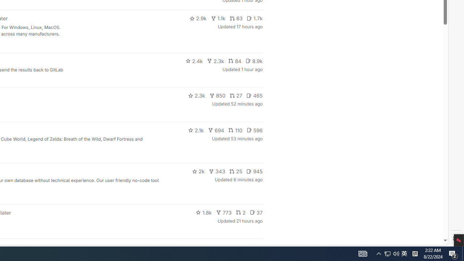  What do you see at coordinates (198, 18) in the screenshot?
I see `'2.9k'` at bounding box center [198, 18].